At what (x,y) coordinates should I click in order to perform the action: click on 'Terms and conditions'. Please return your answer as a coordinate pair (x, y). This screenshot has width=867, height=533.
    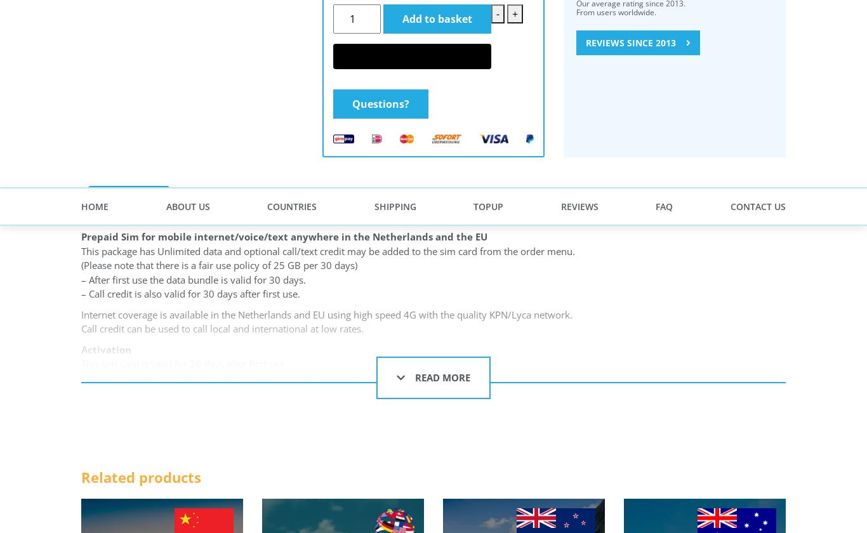
    Looking at the image, I should click on (369, 145).